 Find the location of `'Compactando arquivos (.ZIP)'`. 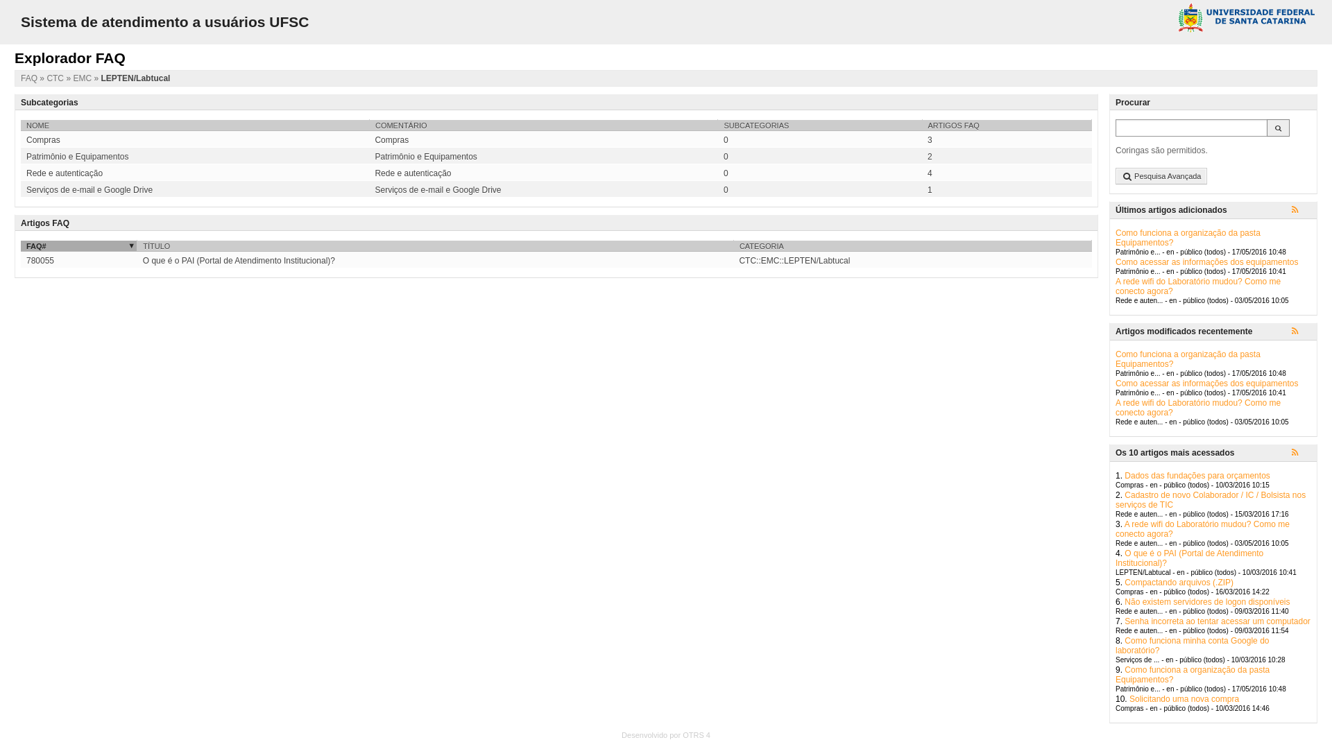

'Compactando arquivos (.ZIP)' is located at coordinates (1178, 583).